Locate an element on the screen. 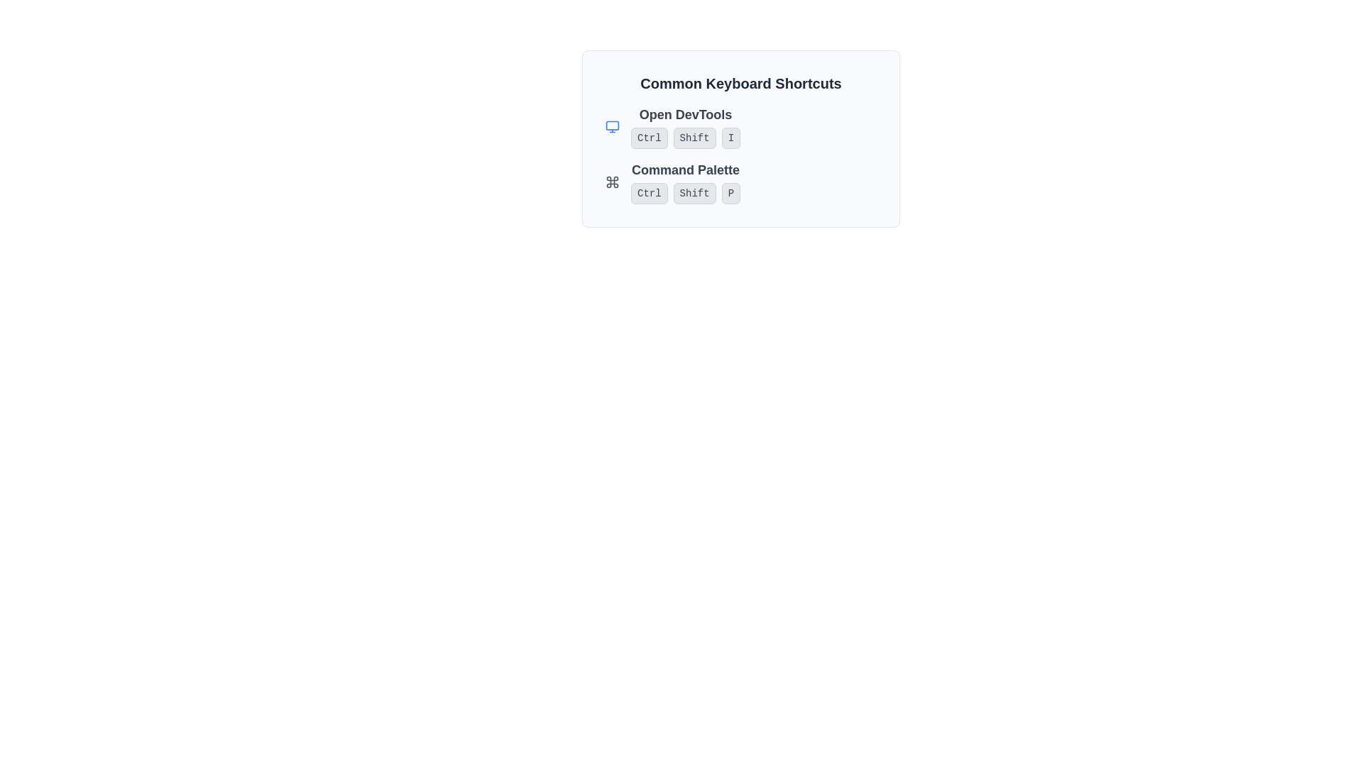 The height and width of the screenshot is (766, 1363). the small, square-shaped icon resembling a command or options symbol, located in the bottom row of the 'Common Keyboard Shortcuts' box, adjacent to the text 'Command Palette' is located at coordinates (613, 182).